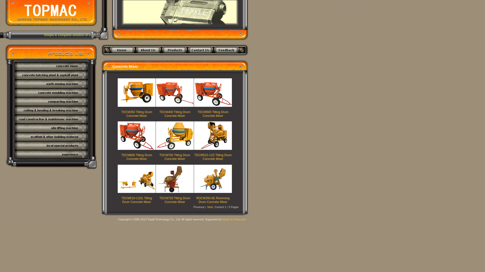 The height and width of the screenshot is (272, 485). What do you see at coordinates (213, 114) in the screenshot?
I see `'TDCM500 Tilting Drum Concrete Mixer'` at bounding box center [213, 114].